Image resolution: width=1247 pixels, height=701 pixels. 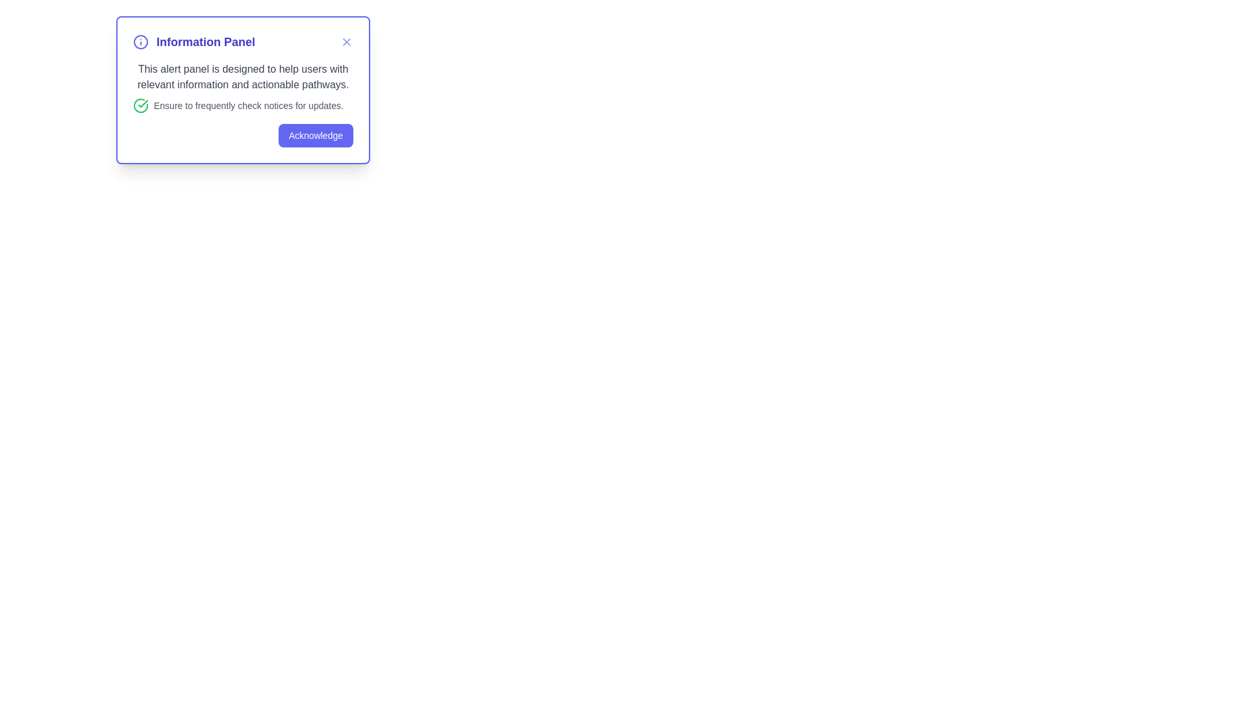 What do you see at coordinates (346, 42) in the screenshot?
I see `the 'X' icon in the top-right corner of the Information Panel` at bounding box center [346, 42].